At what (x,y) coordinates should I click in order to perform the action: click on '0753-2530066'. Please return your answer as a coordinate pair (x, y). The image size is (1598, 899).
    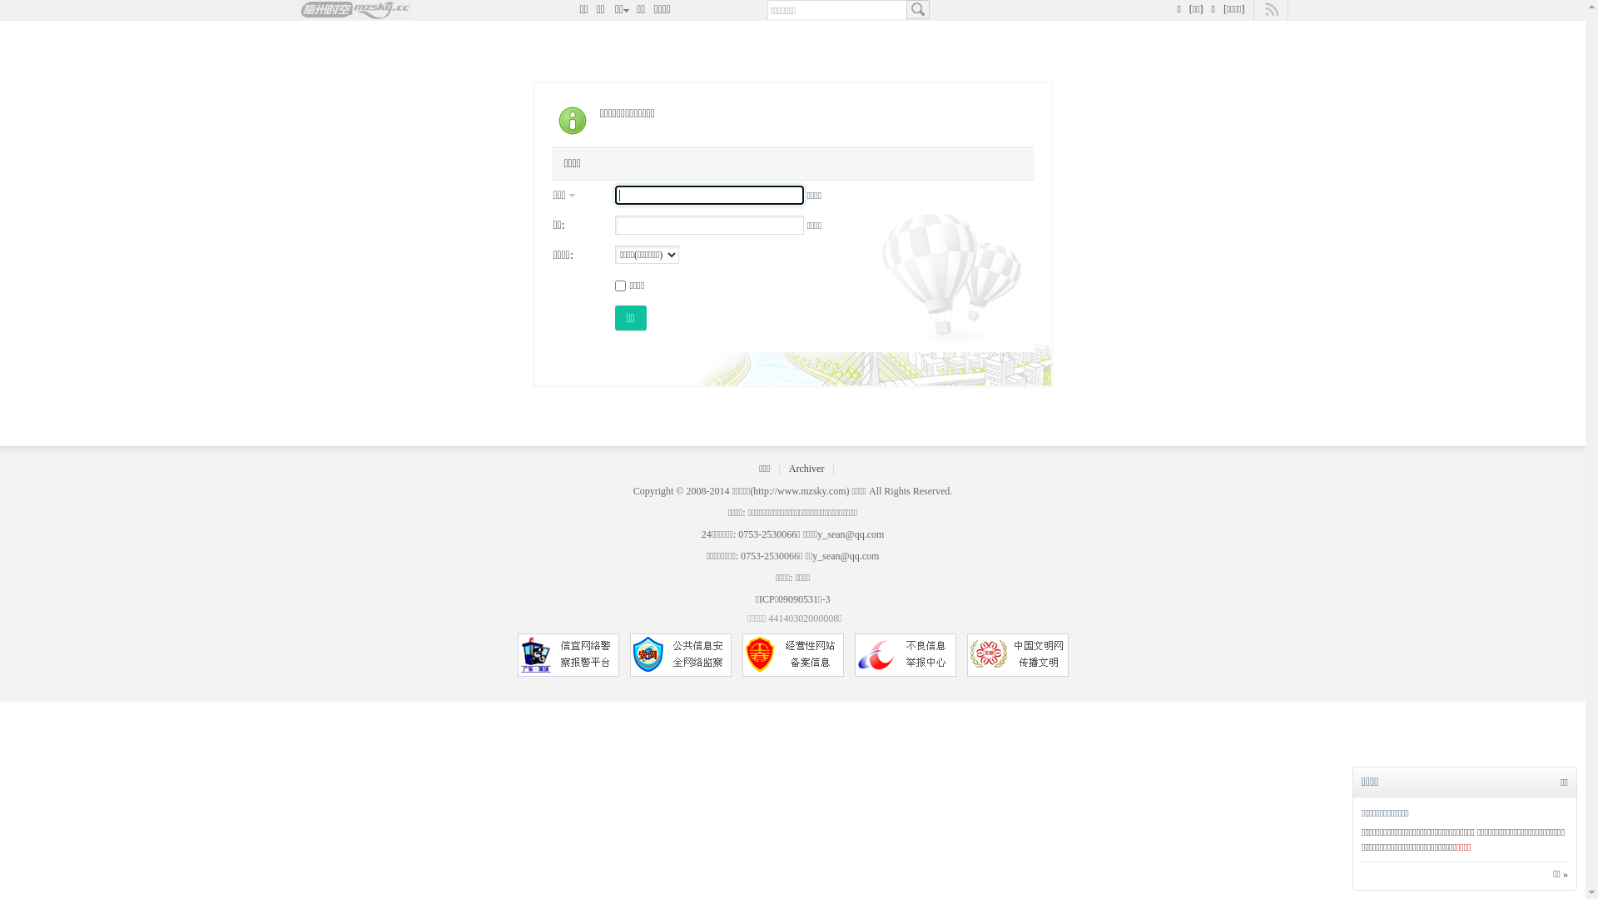
    Looking at the image, I should click on (769, 555).